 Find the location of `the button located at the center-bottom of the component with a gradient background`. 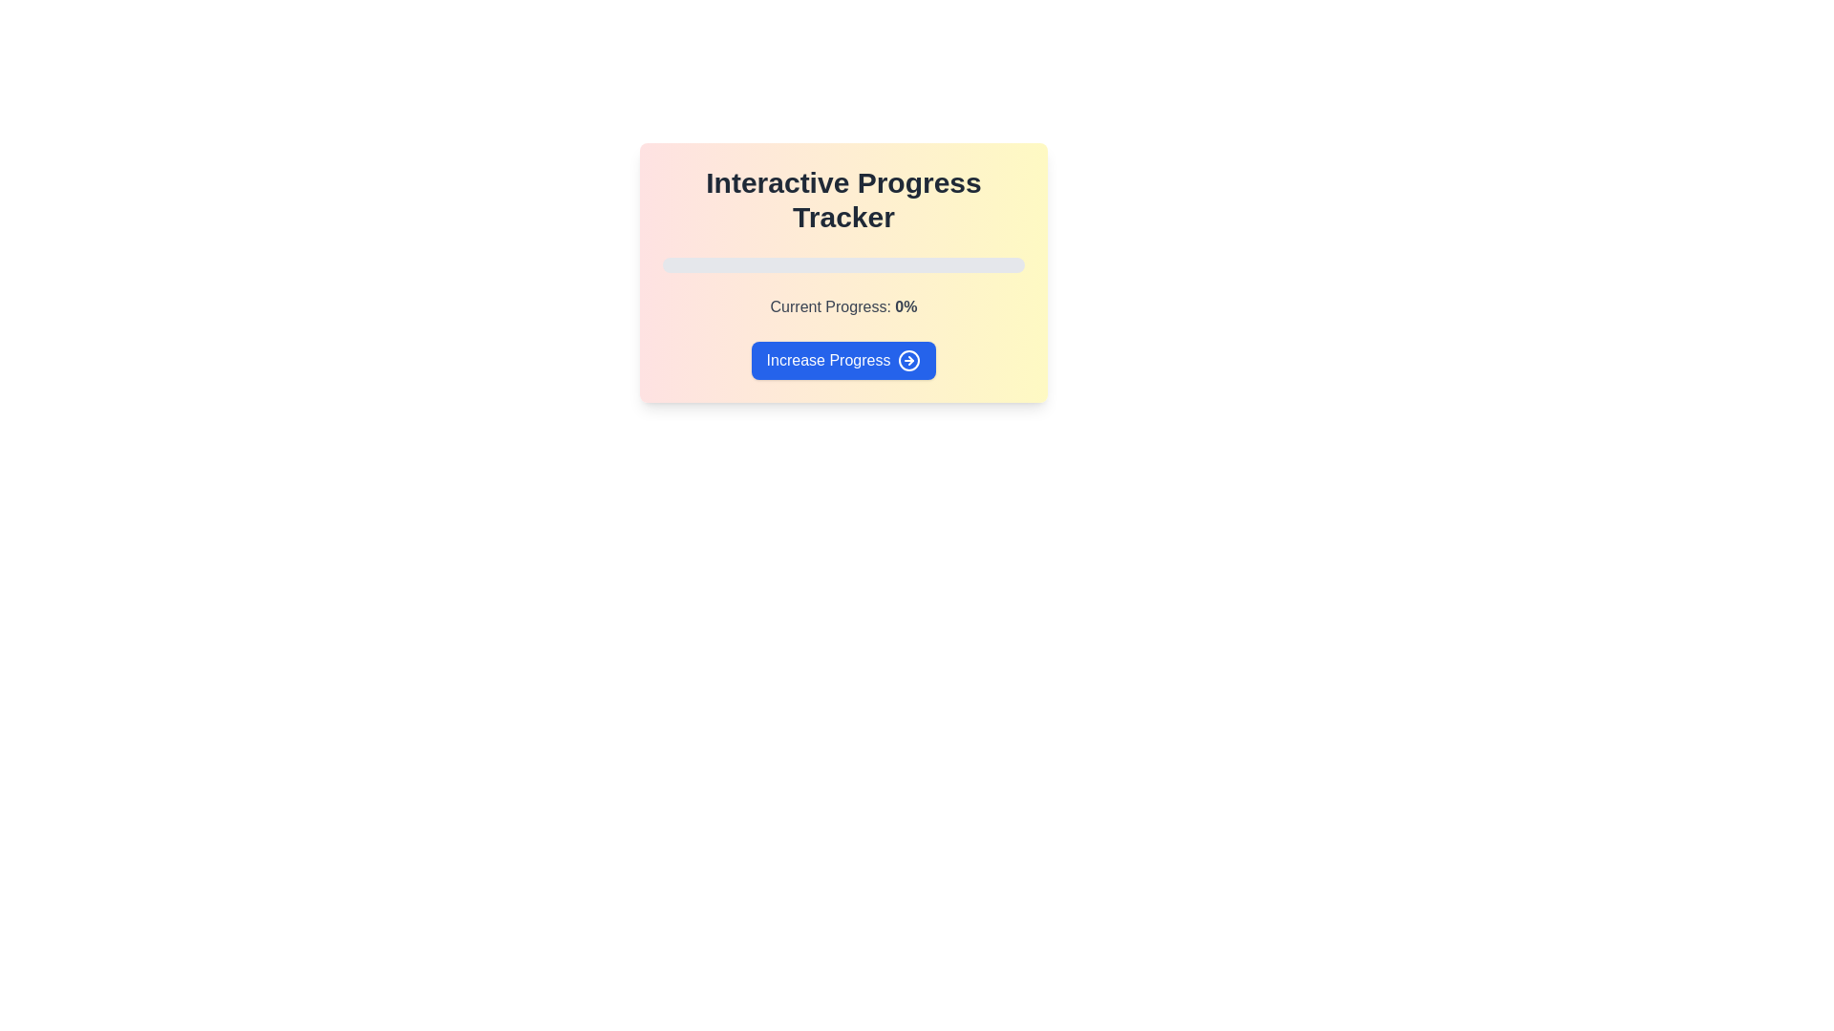

the button located at the center-bottom of the component with a gradient background is located at coordinates (842, 361).